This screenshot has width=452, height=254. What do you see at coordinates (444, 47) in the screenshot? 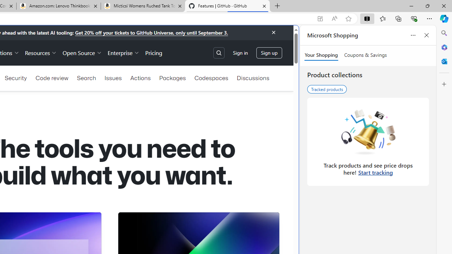
I see `'Microsoft 365'` at bounding box center [444, 47].